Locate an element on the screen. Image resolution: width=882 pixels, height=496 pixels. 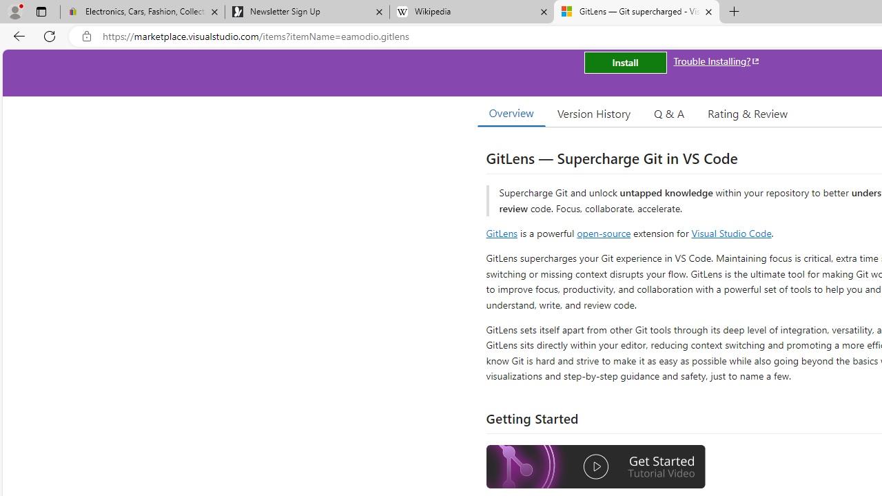
'Watch the GitLens Getting Started video' is located at coordinates (596, 468).